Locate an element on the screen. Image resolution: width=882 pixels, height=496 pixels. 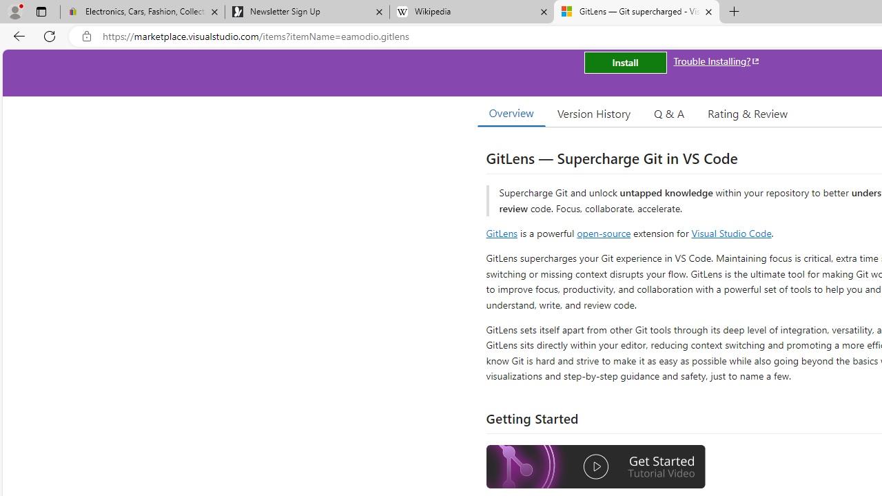
'Watch the GitLens Getting Started video' is located at coordinates (596, 468).